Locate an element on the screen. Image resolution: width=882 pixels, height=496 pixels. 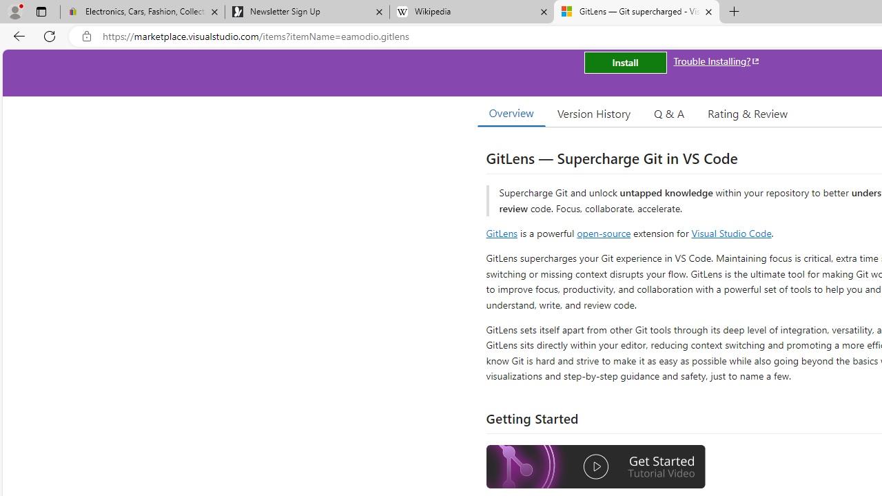
'Watch the GitLens Getting Started video' is located at coordinates (596, 468).